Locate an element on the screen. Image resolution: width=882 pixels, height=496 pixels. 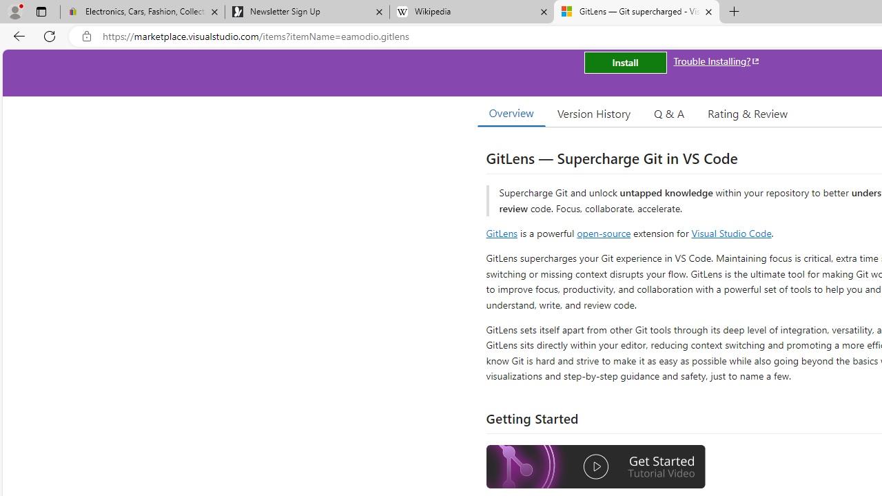
'Watch the GitLens Getting Started video' is located at coordinates (596, 468).